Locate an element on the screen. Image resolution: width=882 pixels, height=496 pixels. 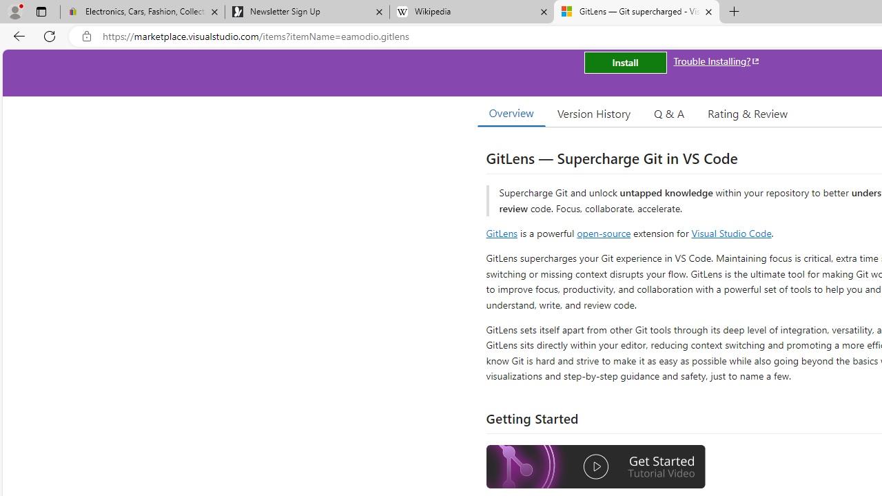
'Watch the GitLens Getting Started video' is located at coordinates (596, 468).